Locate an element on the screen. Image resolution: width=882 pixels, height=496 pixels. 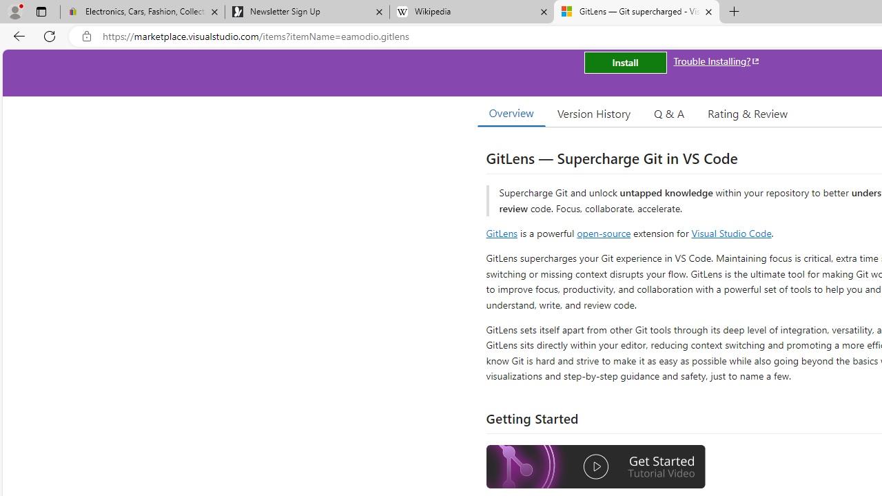
'Watch the GitLens Getting Started video' is located at coordinates (596, 468).